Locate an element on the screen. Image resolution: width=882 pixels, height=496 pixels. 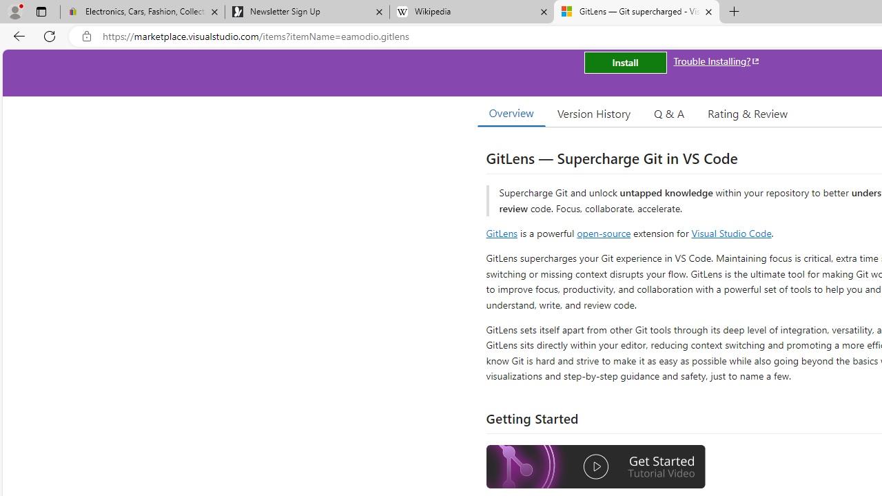
'Watch the GitLens Getting Started video' is located at coordinates (596, 468).